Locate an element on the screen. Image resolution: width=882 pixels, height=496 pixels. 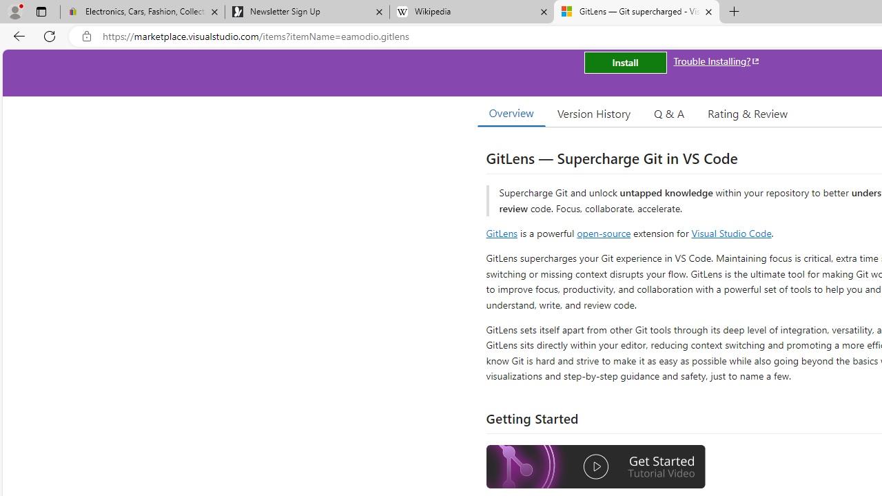
'Watch the GitLens Getting Started video' is located at coordinates (596, 468).